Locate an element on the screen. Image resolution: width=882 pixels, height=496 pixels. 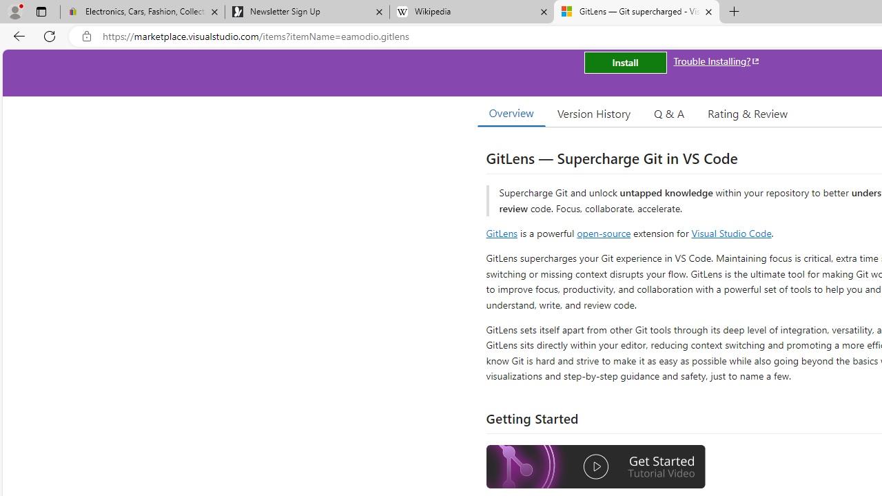
'Watch the GitLens Getting Started video' is located at coordinates (596, 468).